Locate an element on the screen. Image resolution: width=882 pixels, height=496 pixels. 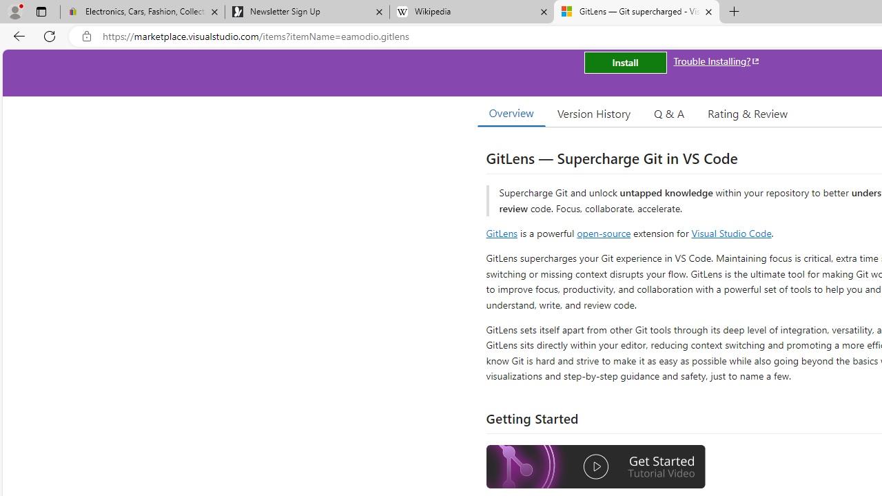
'Watch the GitLens Getting Started video' is located at coordinates (596, 468).